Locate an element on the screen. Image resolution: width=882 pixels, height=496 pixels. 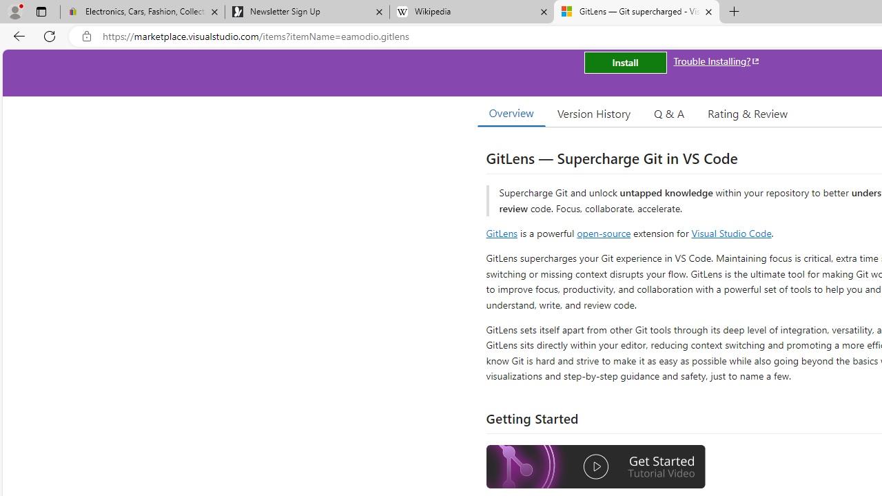
'Watch the GitLens Getting Started video' is located at coordinates (596, 468).